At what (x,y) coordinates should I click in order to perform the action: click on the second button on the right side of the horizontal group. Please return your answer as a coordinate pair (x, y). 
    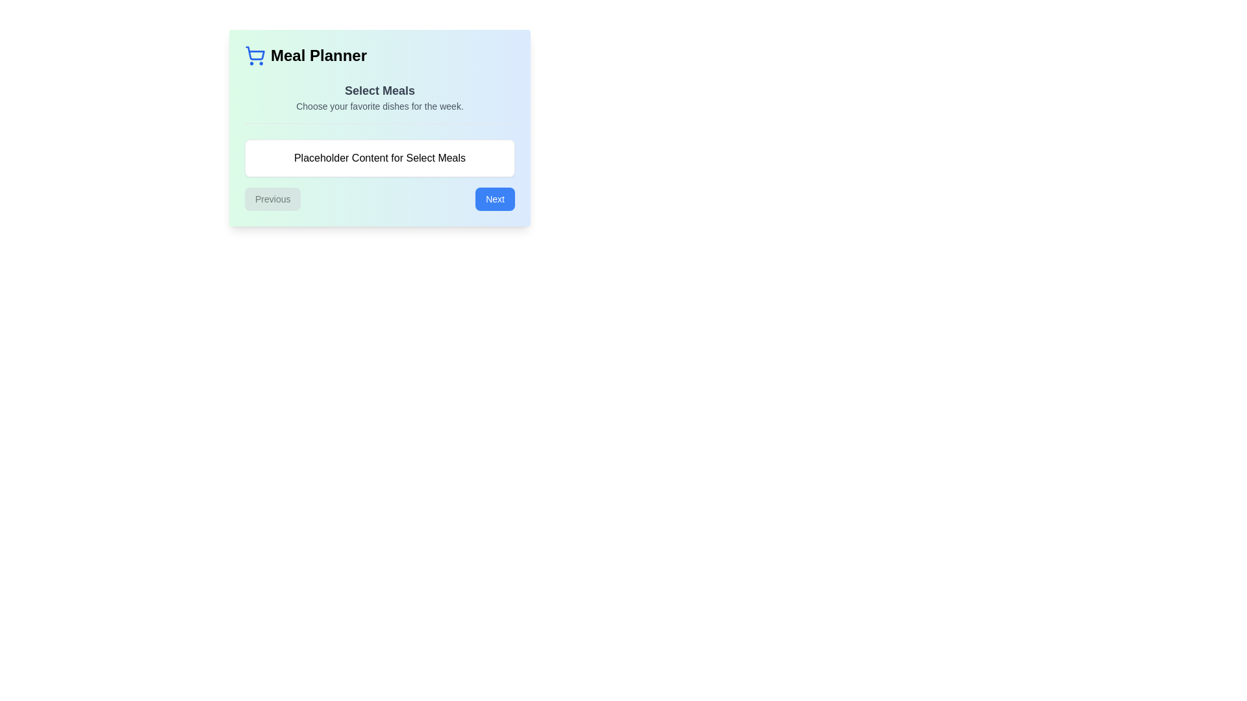
    Looking at the image, I should click on (494, 199).